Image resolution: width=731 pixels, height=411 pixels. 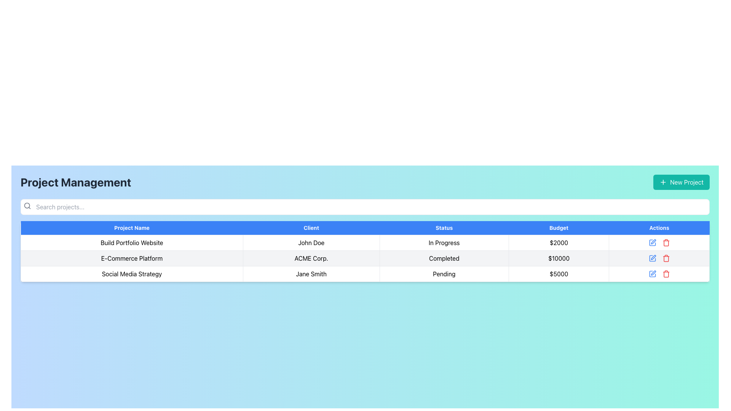 I want to click on the bold, large-sized text heading displaying 'Project Management' in dark gray color, located at the top-left corner of the interface above the search bar, so click(x=76, y=182).